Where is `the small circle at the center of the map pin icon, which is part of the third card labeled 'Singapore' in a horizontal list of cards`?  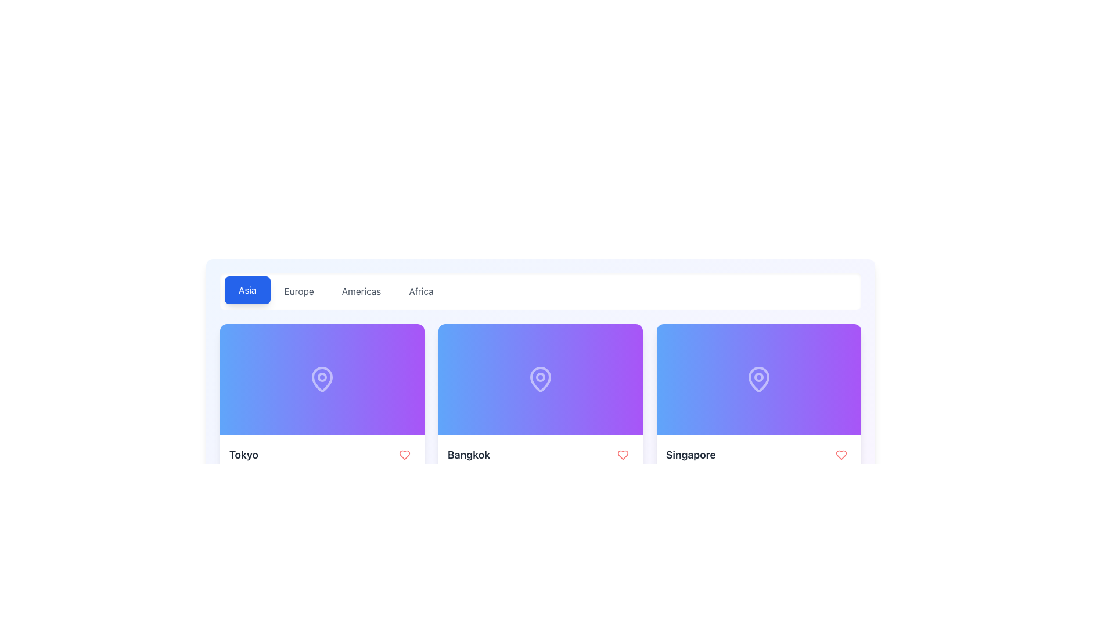 the small circle at the center of the map pin icon, which is part of the third card labeled 'Singapore' in a horizontal list of cards is located at coordinates (758, 377).